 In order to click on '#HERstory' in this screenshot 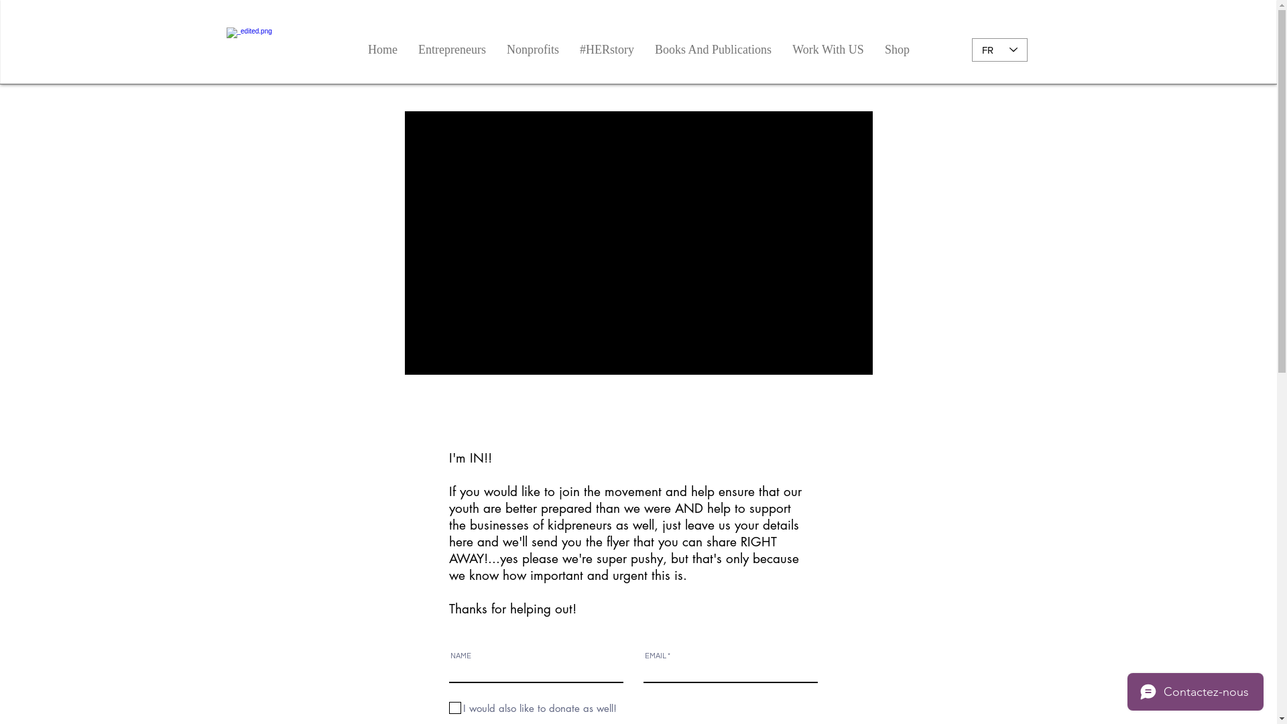, I will do `click(606, 49)`.